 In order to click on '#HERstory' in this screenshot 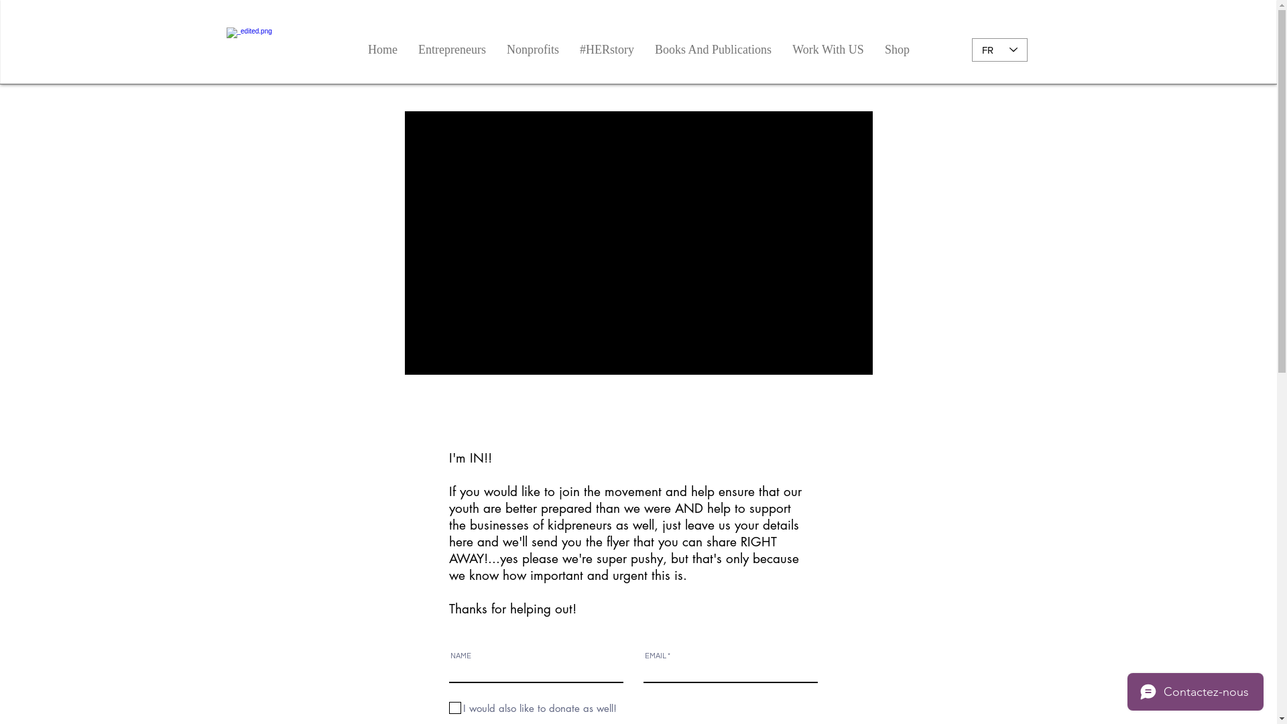, I will do `click(606, 49)`.